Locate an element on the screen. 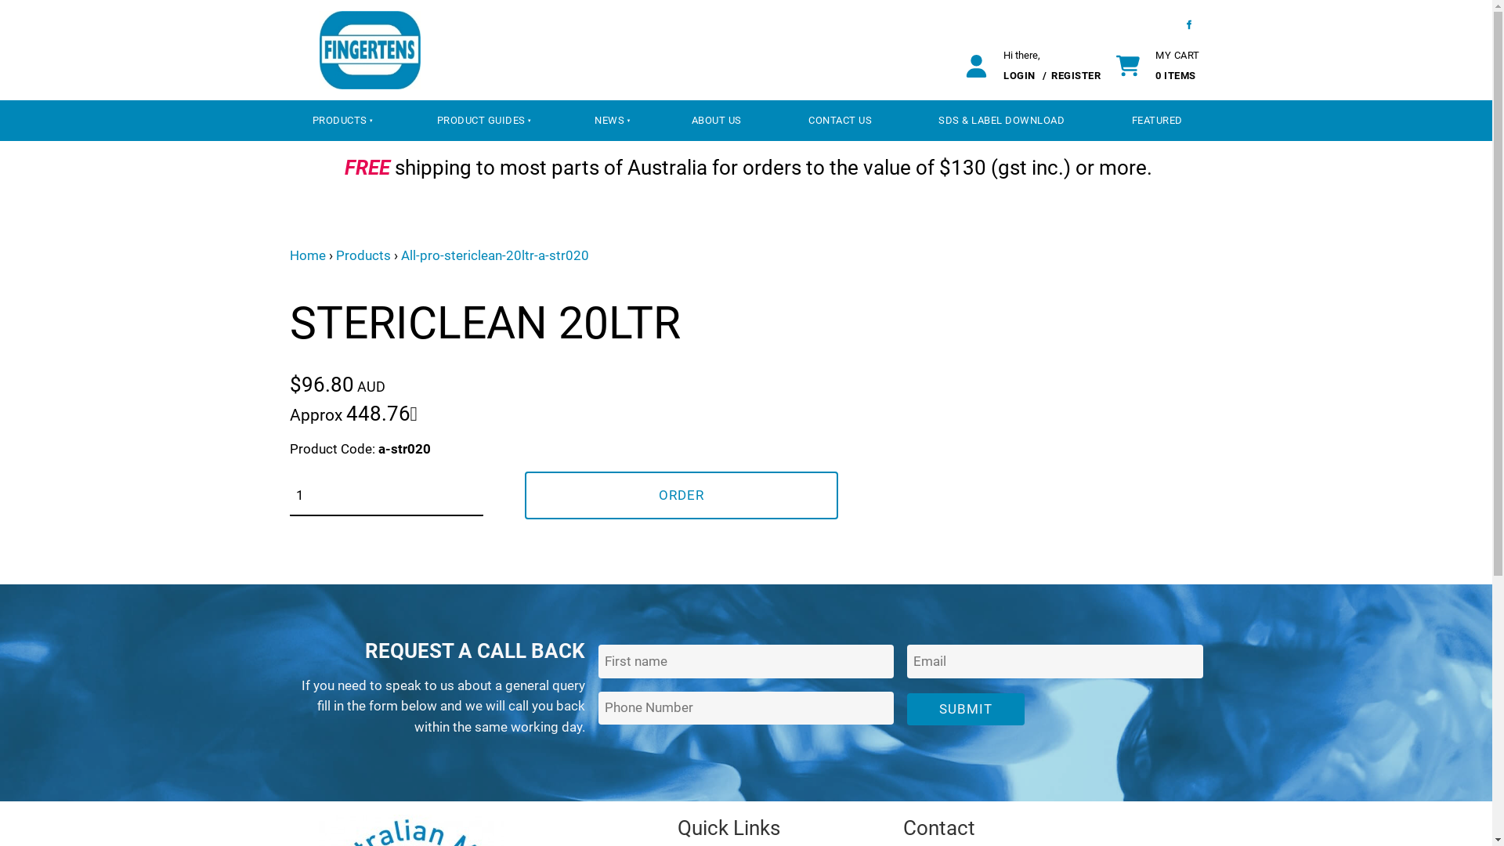 The height and width of the screenshot is (846, 1504). 'Products' is located at coordinates (361, 255).